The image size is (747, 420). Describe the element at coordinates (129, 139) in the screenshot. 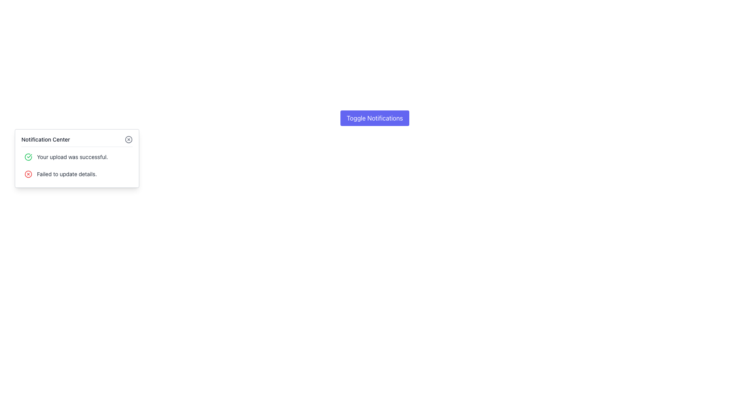

I see `the circular icon component located in the top-right corner of the notification center box` at that location.